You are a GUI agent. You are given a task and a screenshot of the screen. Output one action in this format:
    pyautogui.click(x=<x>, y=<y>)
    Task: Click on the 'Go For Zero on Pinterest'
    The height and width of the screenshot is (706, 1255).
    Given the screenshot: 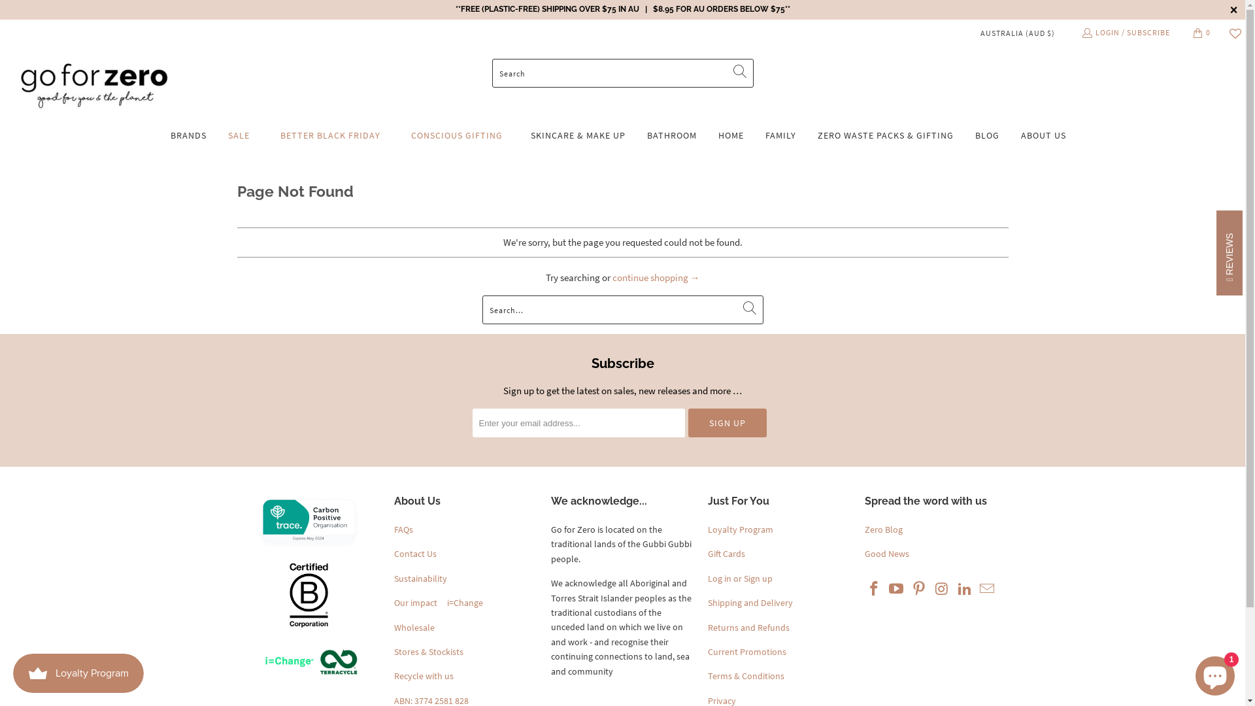 What is the action you would take?
    pyautogui.click(x=918, y=589)
    